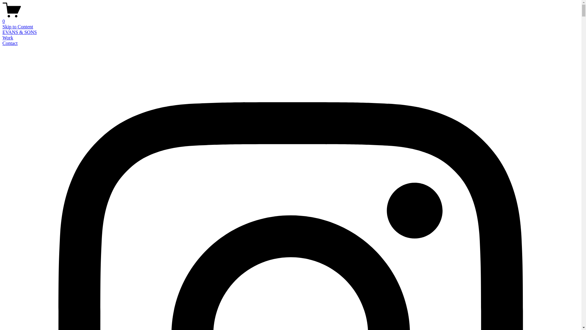  I want to click on 'Skip to Content', so click(17, 26).